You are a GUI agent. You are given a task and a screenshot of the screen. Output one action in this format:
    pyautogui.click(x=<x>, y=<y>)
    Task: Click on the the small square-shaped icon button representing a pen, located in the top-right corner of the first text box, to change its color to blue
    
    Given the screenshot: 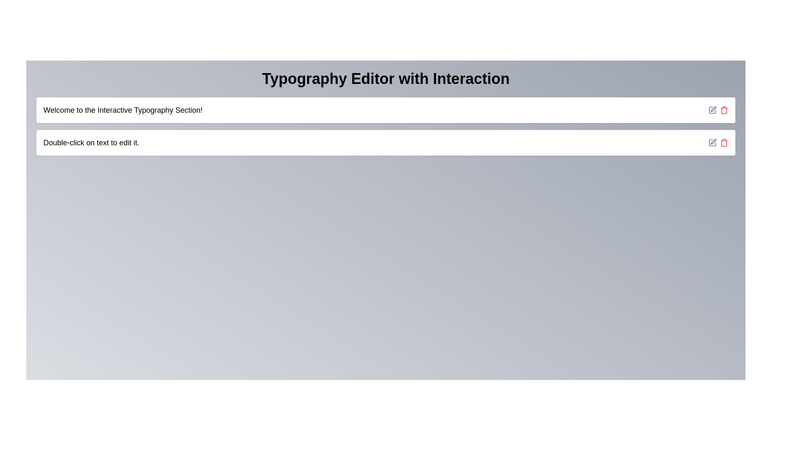 What is the action you would take?
    pyautogui.click(x=712, y=109)
    